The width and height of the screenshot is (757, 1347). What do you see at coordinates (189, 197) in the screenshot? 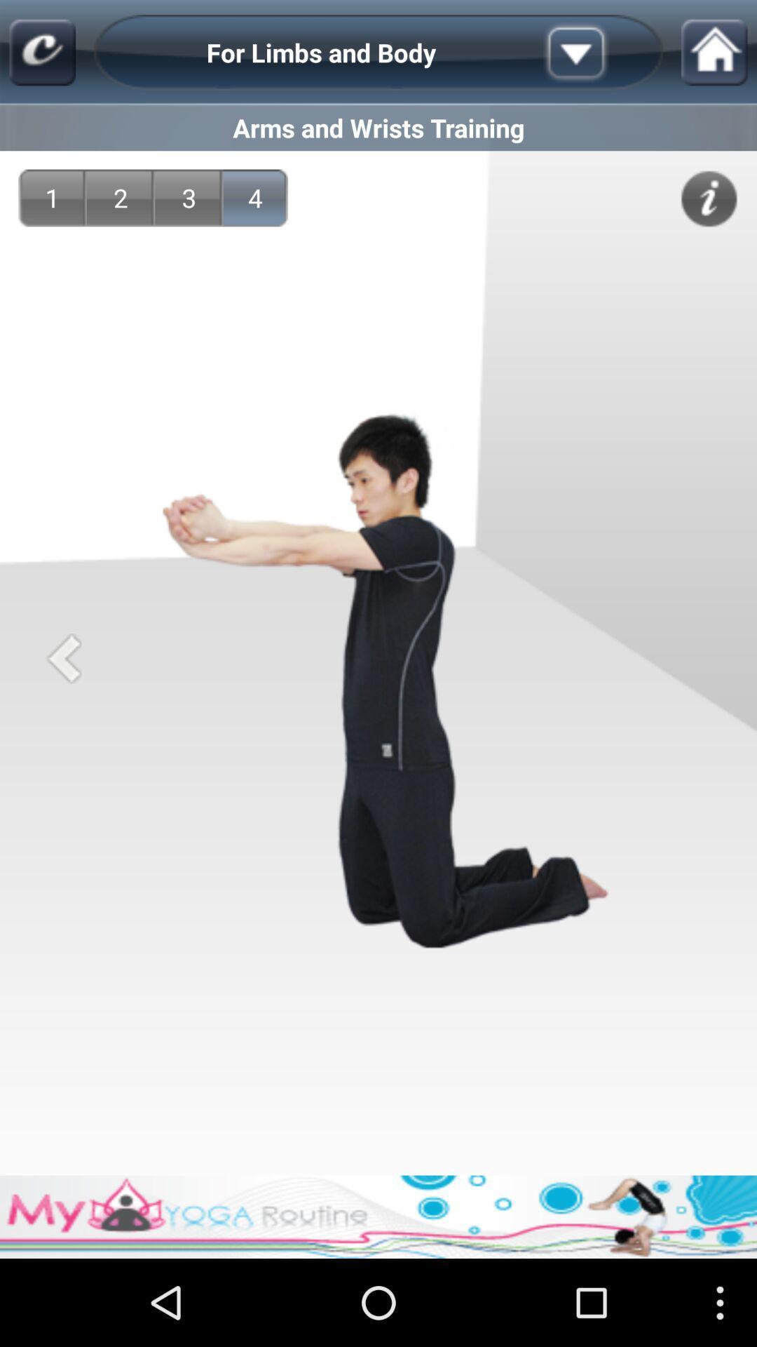
I see `the icon next to the 2 icon` at bounding box center [189, 197].